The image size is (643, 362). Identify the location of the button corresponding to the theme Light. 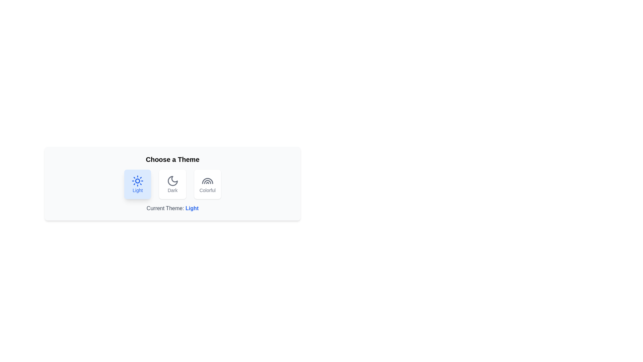
(137, 184).